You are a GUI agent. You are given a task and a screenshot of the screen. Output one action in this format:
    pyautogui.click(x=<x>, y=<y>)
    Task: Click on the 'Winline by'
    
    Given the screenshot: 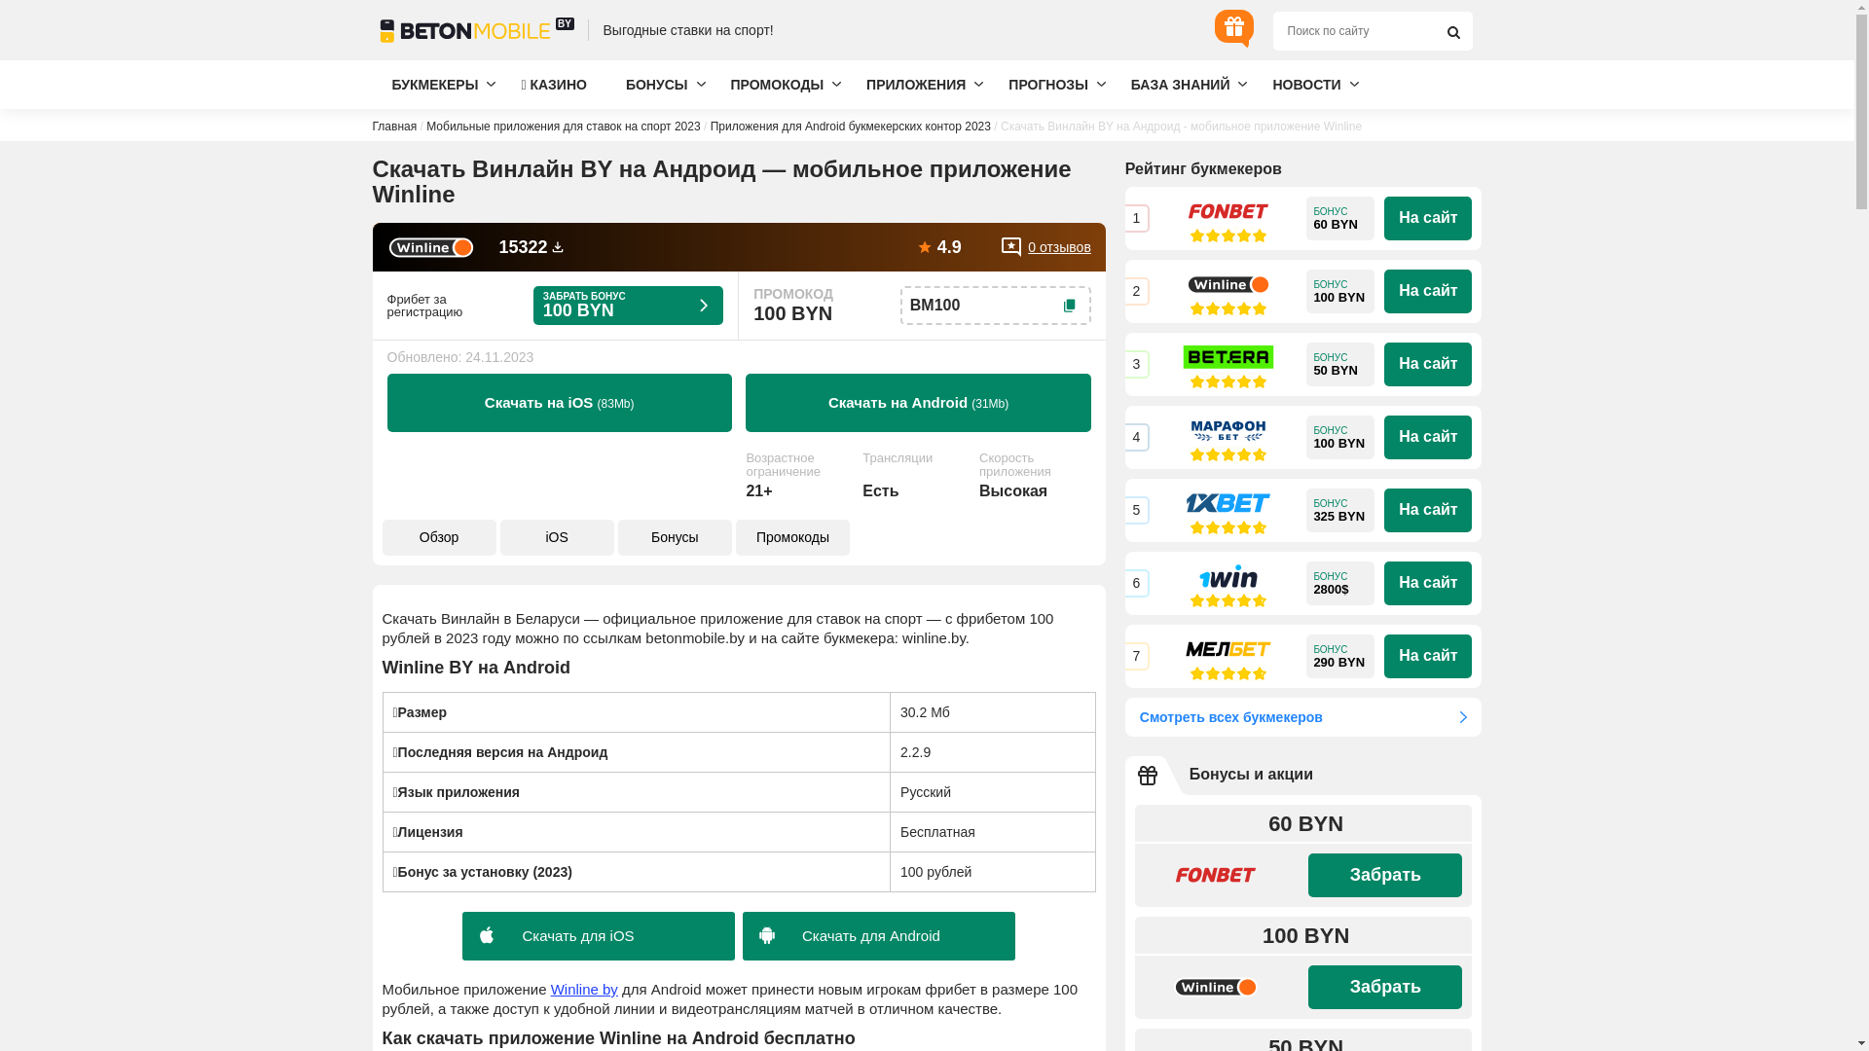 What is the action you would take?
    pyautogui.click(x=583, y=989)
    